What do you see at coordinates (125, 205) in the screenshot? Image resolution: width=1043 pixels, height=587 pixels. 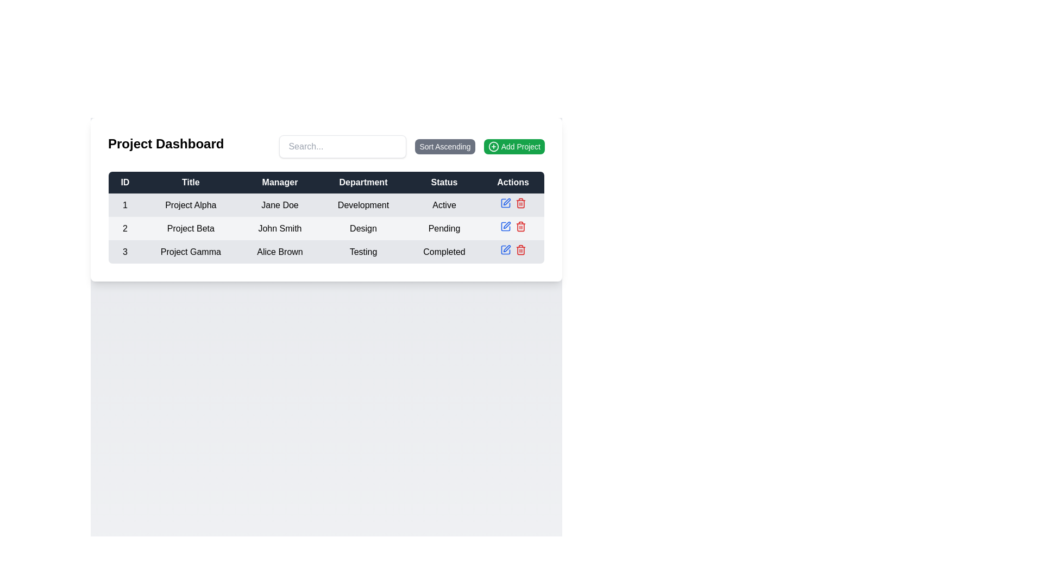 I see `the first table cell containing the numeral '1', which is positioned in the 'ID' column at the start of the first row` at bounding box center [125, 205].